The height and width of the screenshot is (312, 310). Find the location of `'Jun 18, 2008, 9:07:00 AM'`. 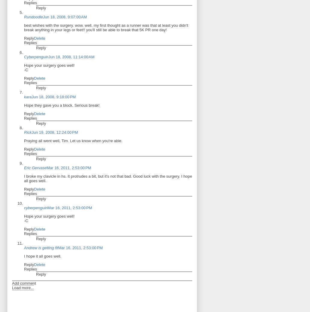

'Jun 18, 2008, 9:07:00 AM' is located at coordinates (64, 16).